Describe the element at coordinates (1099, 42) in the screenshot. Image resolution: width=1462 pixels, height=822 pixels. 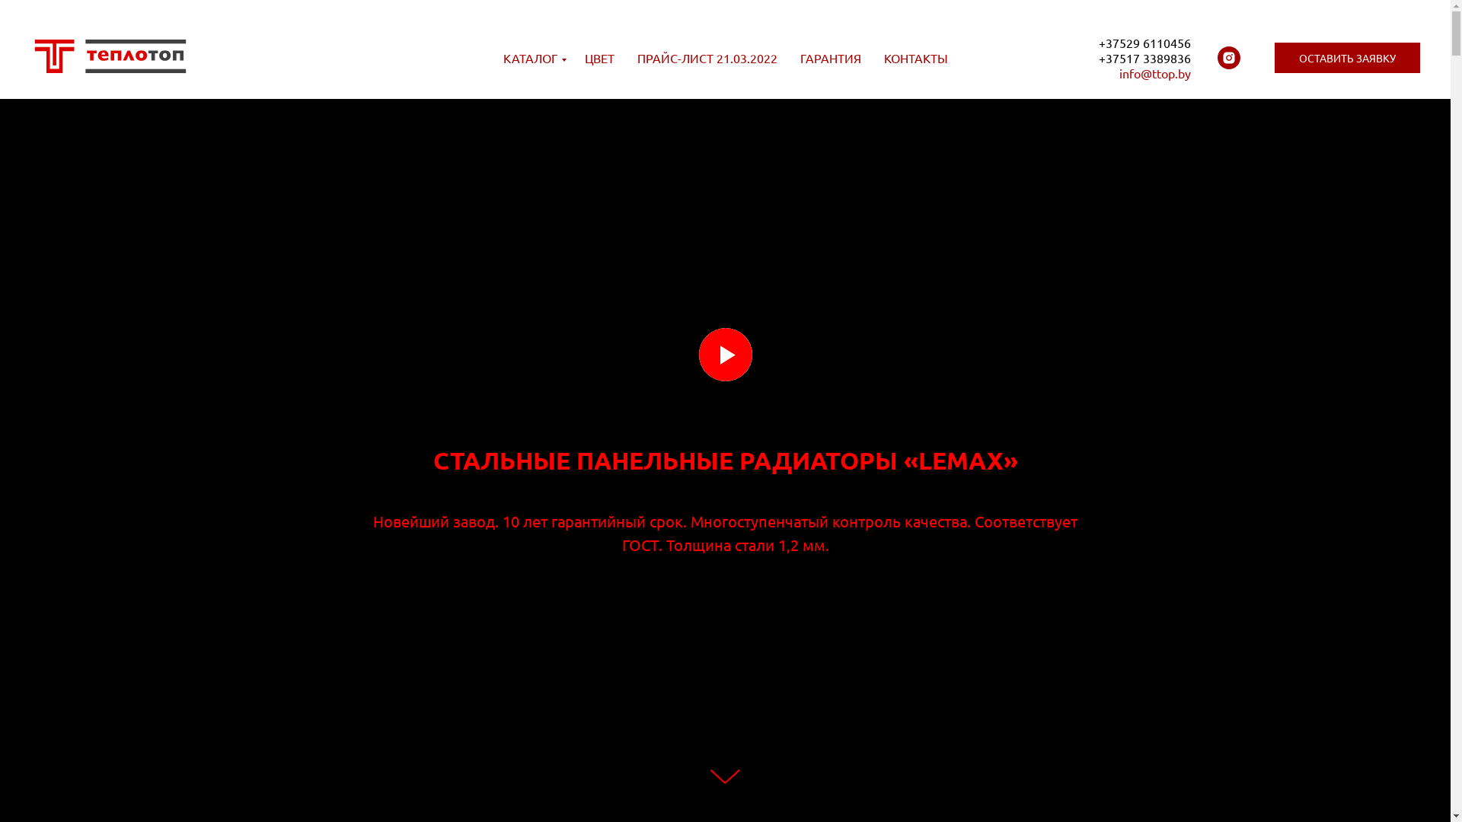
I see `'+37529 6110456'` at that location.